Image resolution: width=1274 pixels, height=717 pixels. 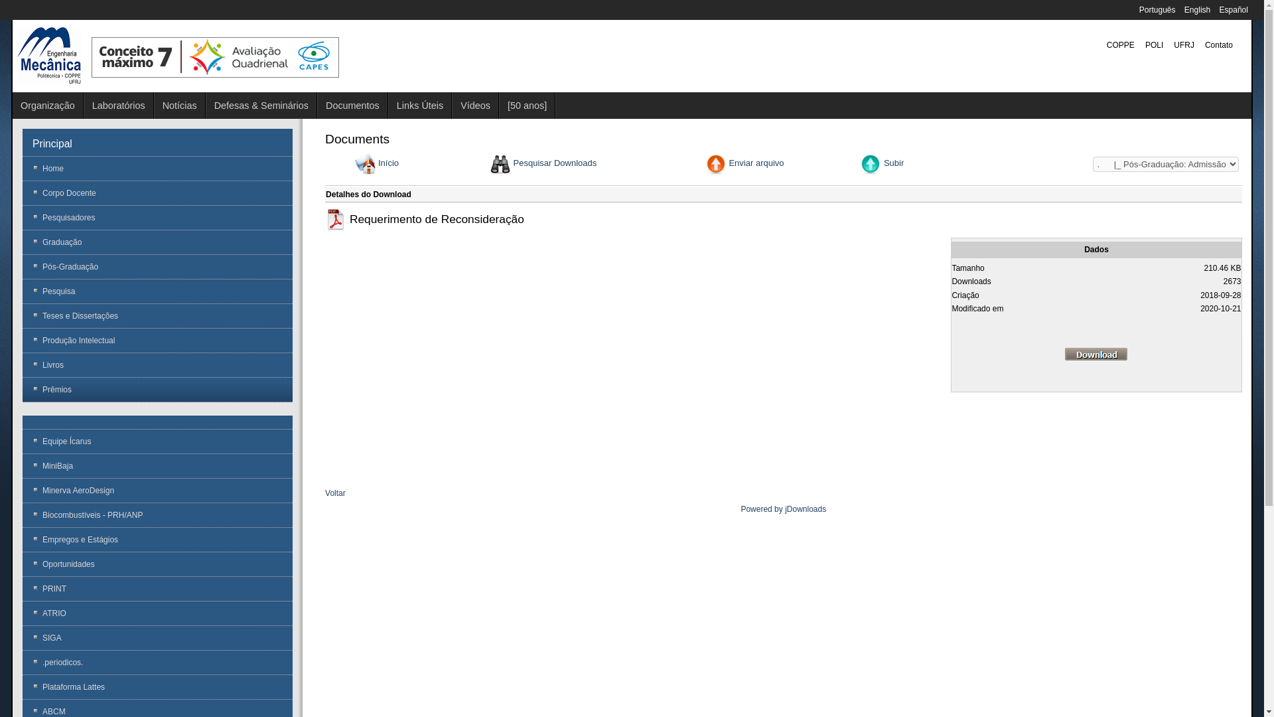 I want to click on '[50 anos]', so click(x=527, y=104).